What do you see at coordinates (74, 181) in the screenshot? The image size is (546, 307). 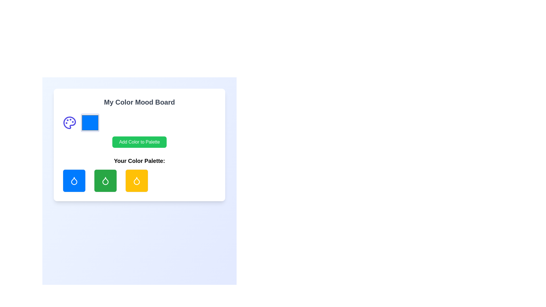 I see `the first blue droplet icon in the 'Your Color Palette' section` at bounding box center [74, 181].